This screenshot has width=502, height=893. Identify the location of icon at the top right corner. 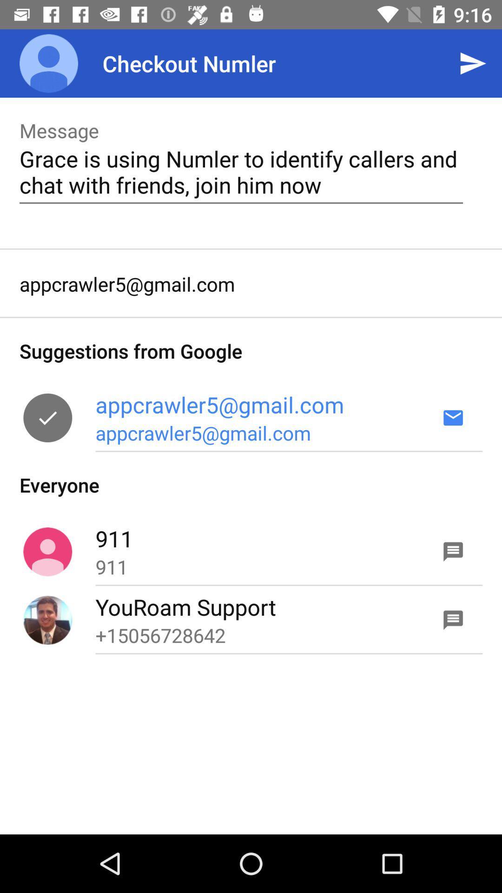
(473, 63).